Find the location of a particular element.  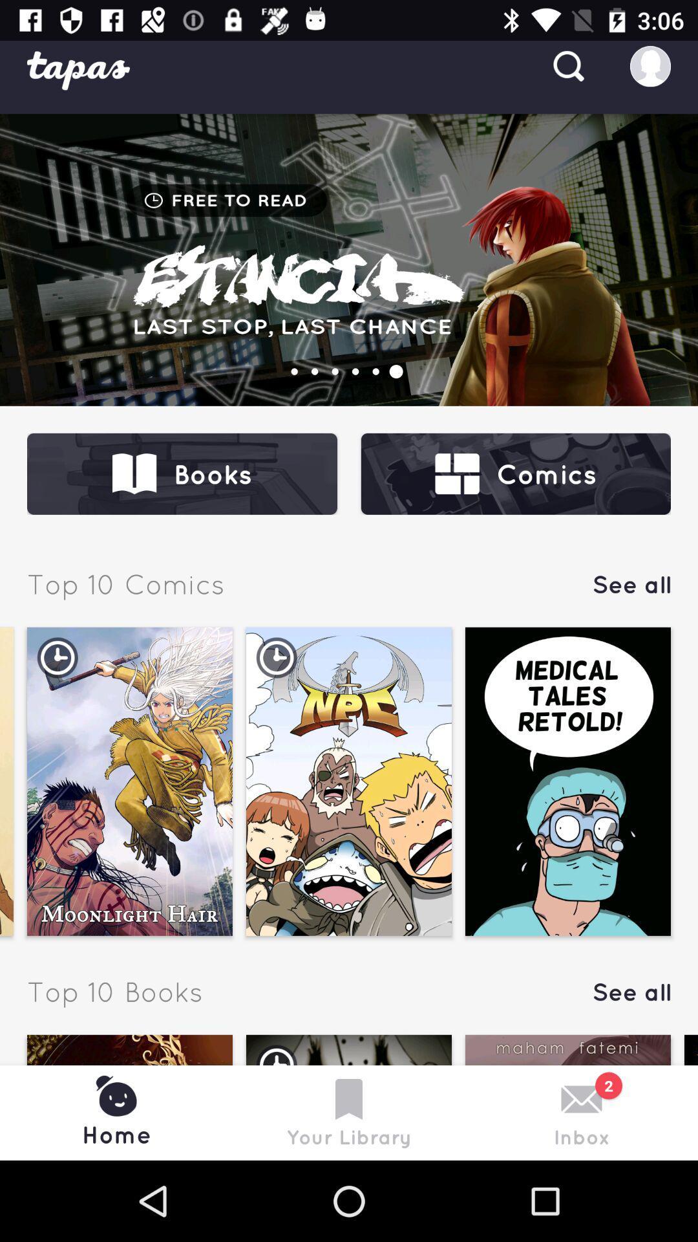

the image right to npc is located at coordinates (567, 781).